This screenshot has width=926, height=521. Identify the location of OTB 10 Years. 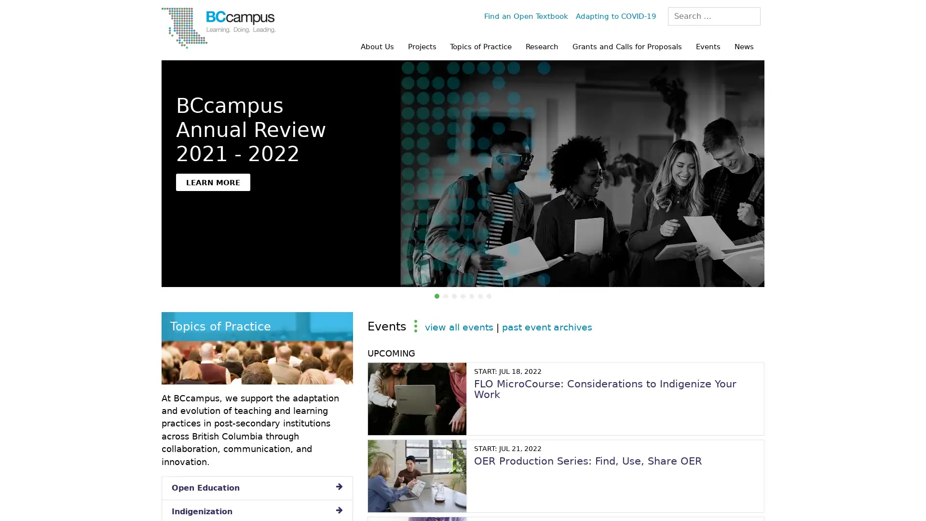
(463, 295).